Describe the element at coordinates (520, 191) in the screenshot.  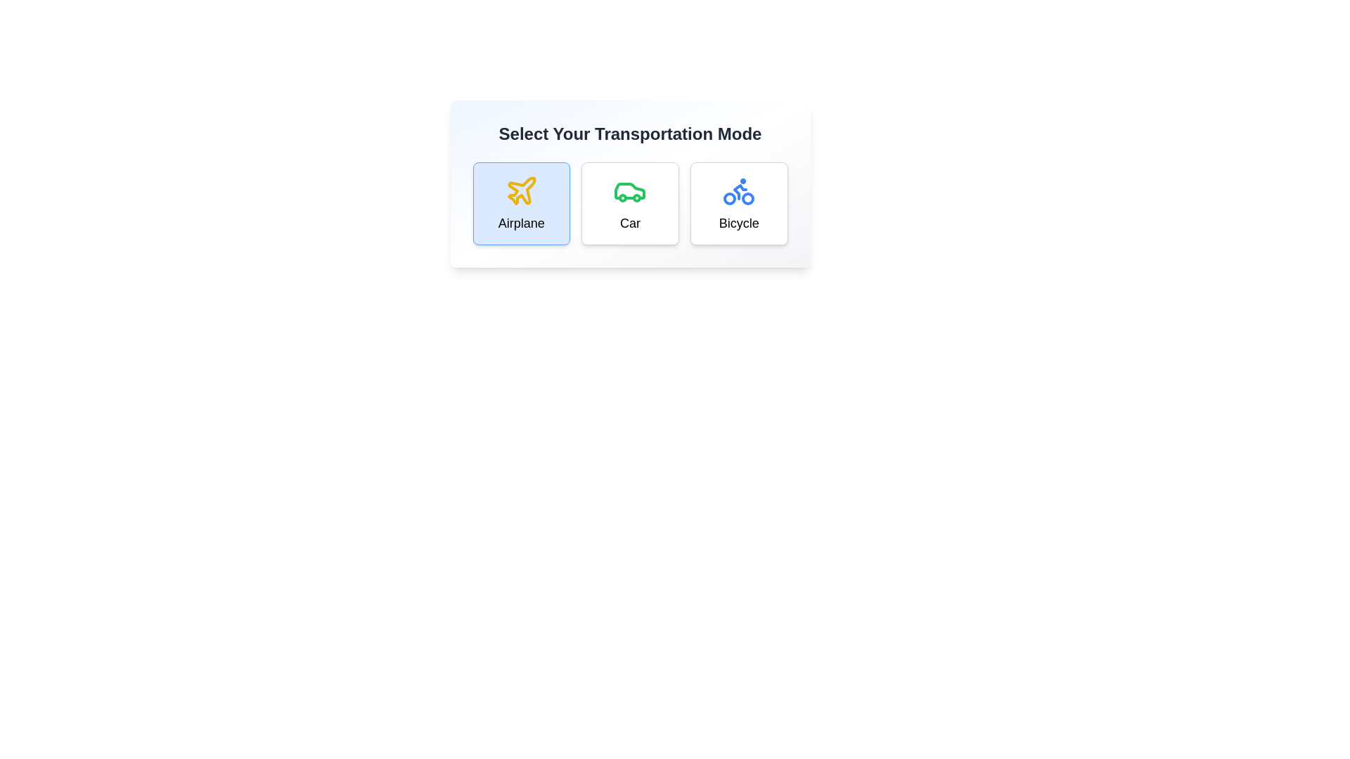
I see `the airplane icon with a yellow outline on a light blue background` at that location.